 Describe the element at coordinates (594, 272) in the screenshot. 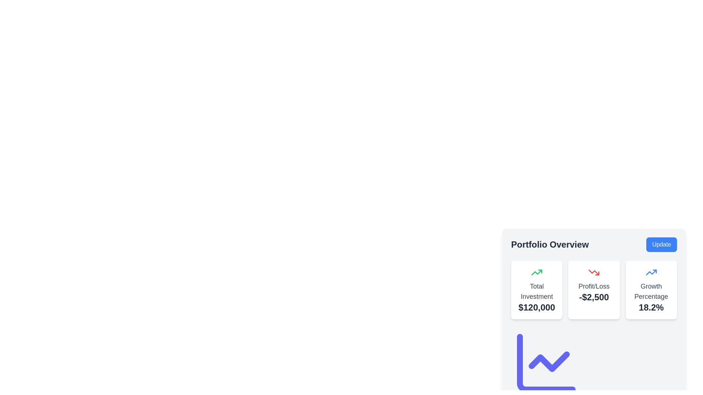

I see `the downward trending red chart icon positioned above the text '-$2,500' and to the left of 'Profit/Loss'` at that location.